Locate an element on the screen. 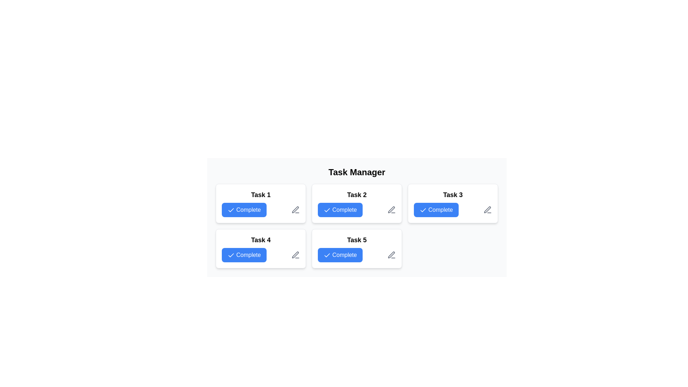  the prominent header text 'Task Manager', which is bold and centrally positioned at the top of the layout is located at coordinates (357, 172).